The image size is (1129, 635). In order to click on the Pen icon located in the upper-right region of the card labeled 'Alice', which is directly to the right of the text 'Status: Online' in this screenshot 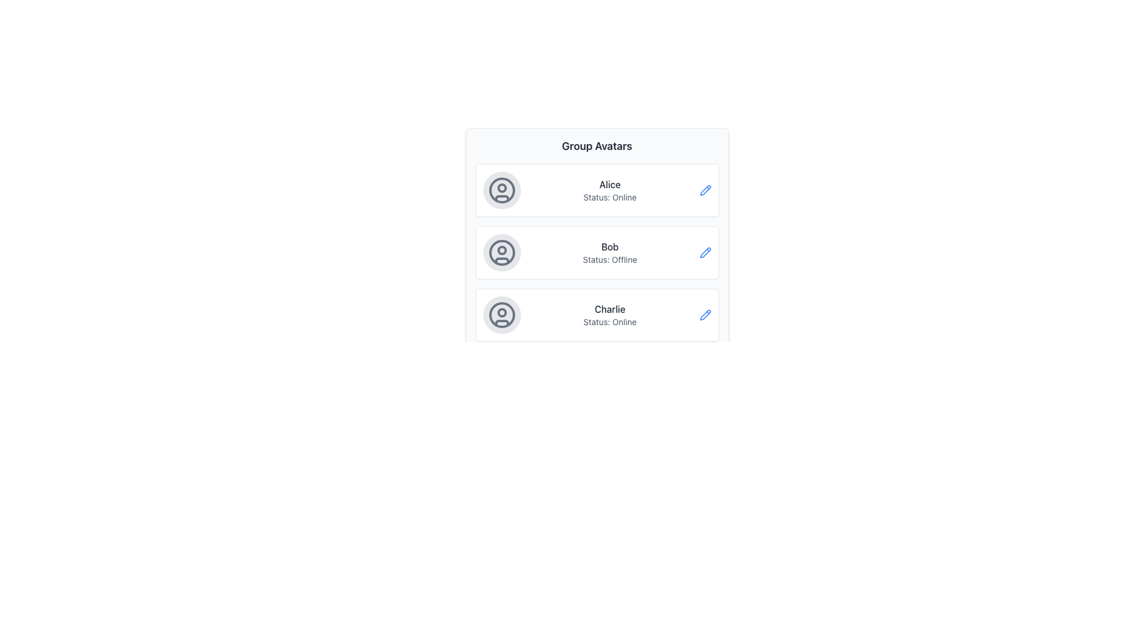, I will do `click(705, 190)`.